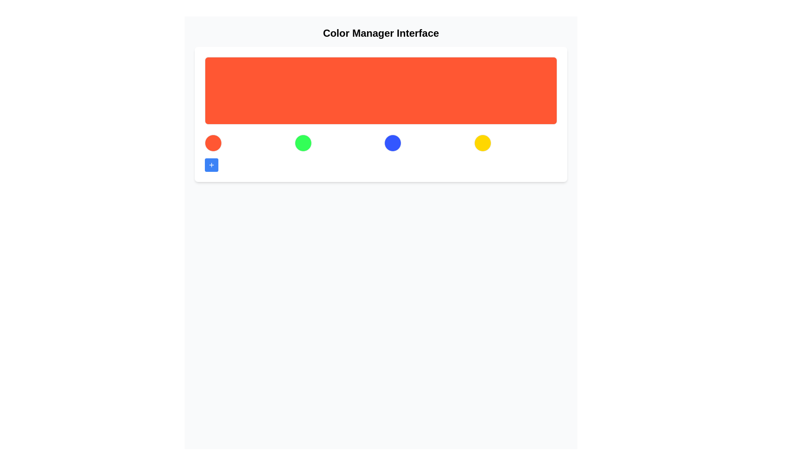  Describe the element at coordinates (211, 165) in the screenshot. I see `the compact blue button with a white plus icon centered within it` at that location.